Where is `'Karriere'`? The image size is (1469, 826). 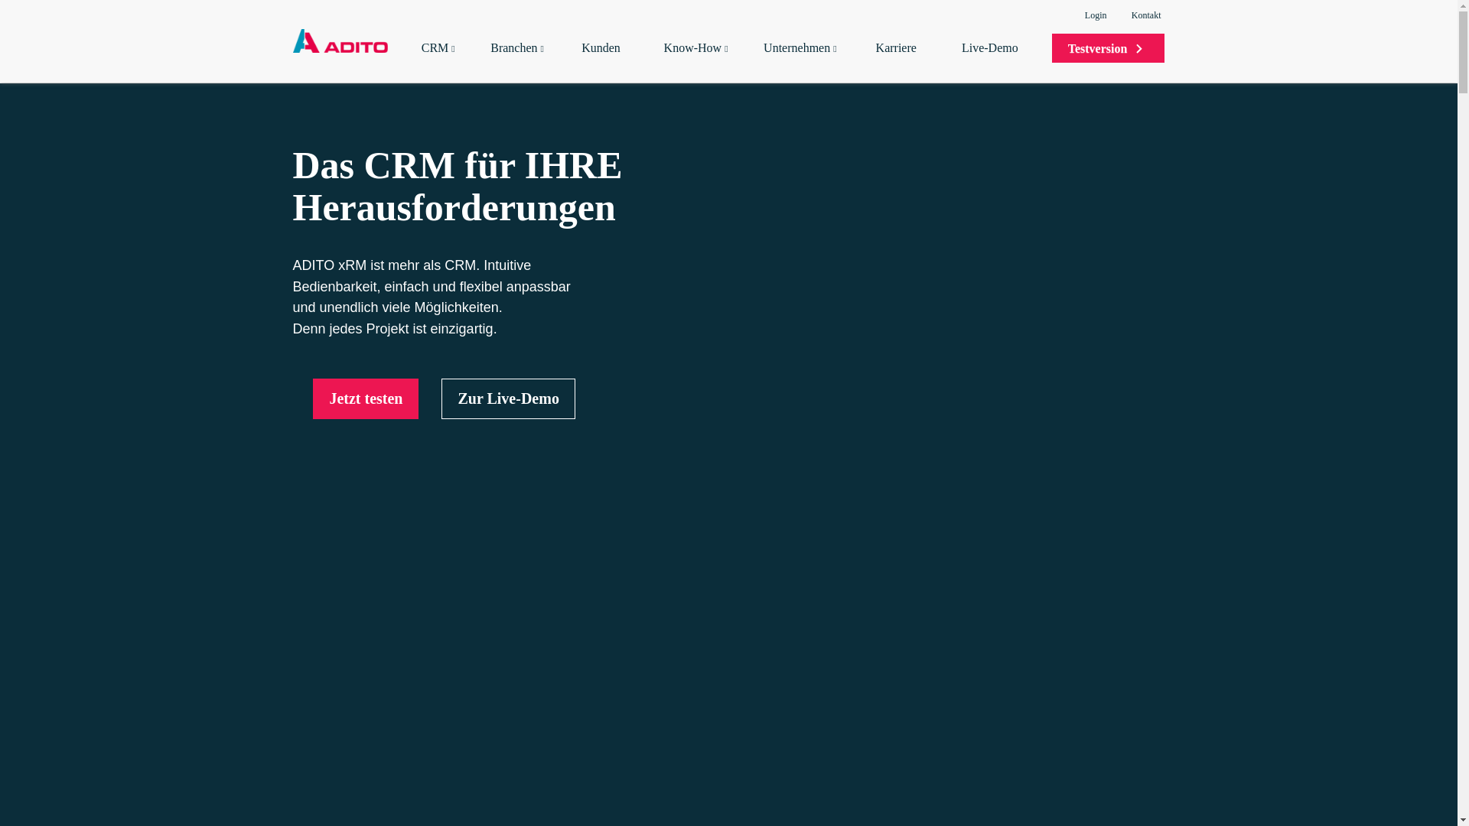
'Karriere' is located at coordinates (904, 60).